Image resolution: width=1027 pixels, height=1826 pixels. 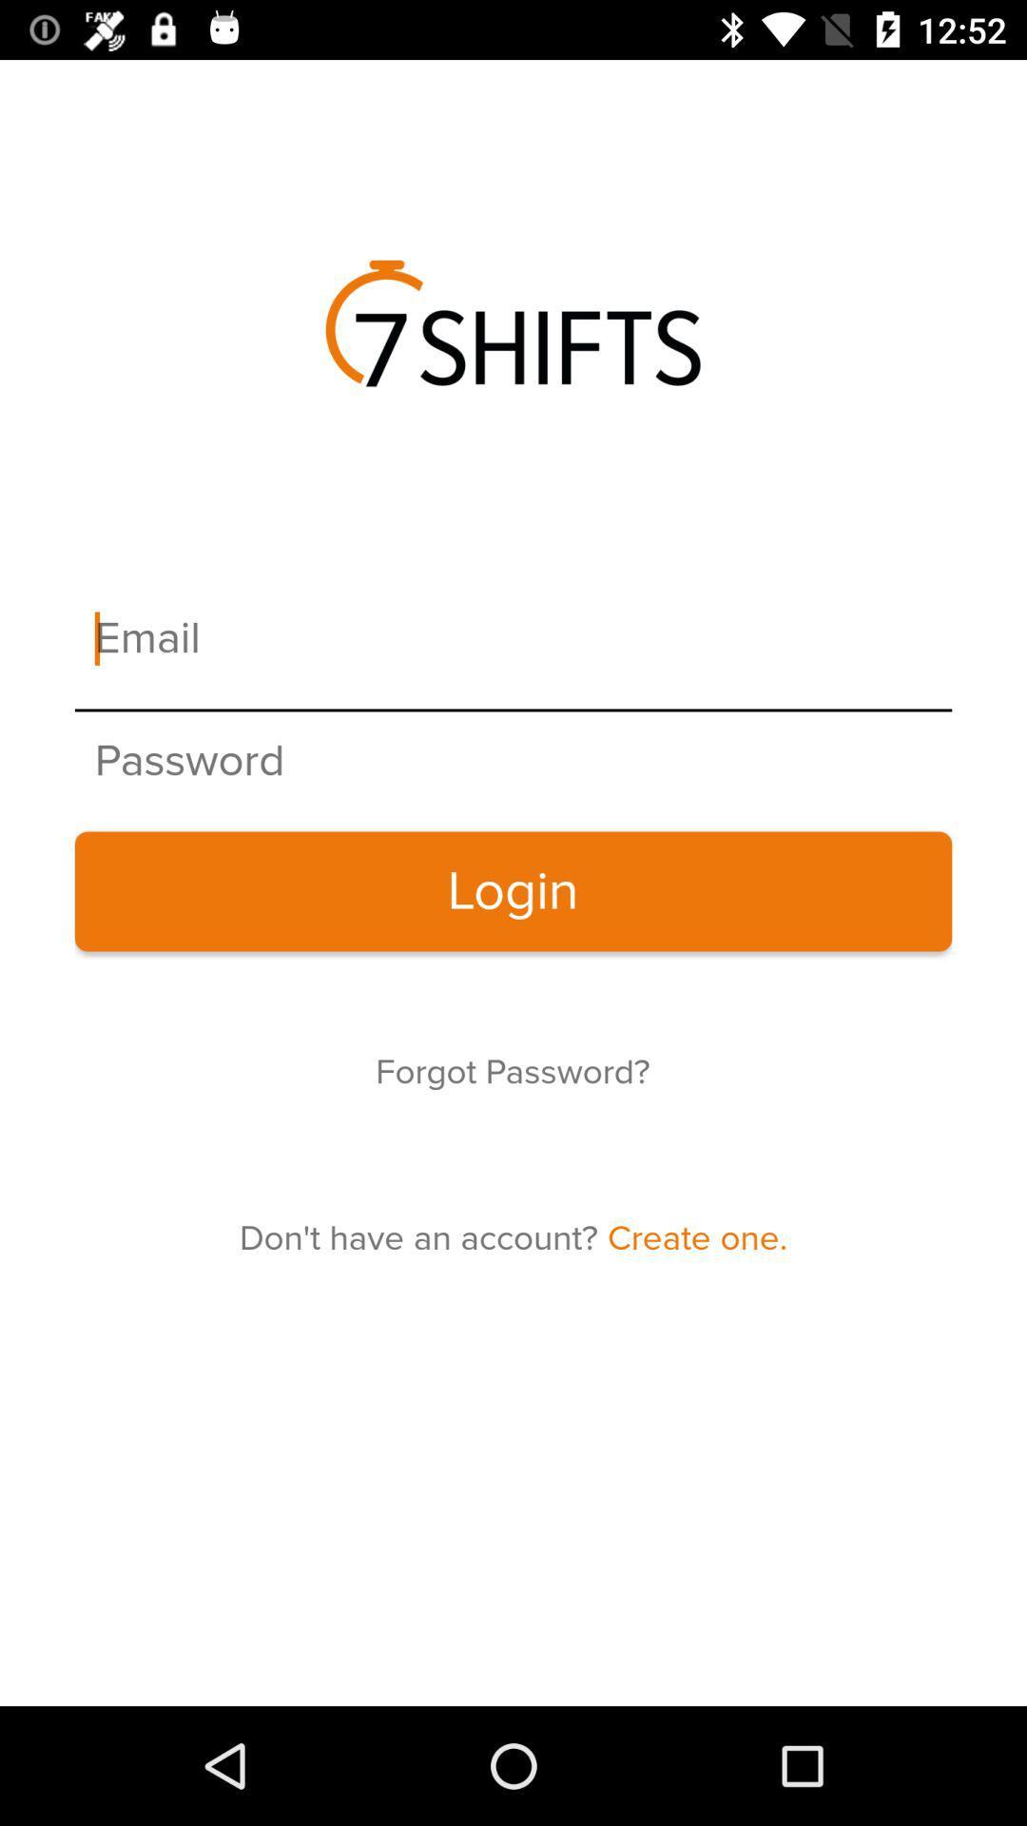 What do you see at coordinates (513, 762) in the screenshot?
I see `an empty field that you type your password into` at bounding box center [513, 762].